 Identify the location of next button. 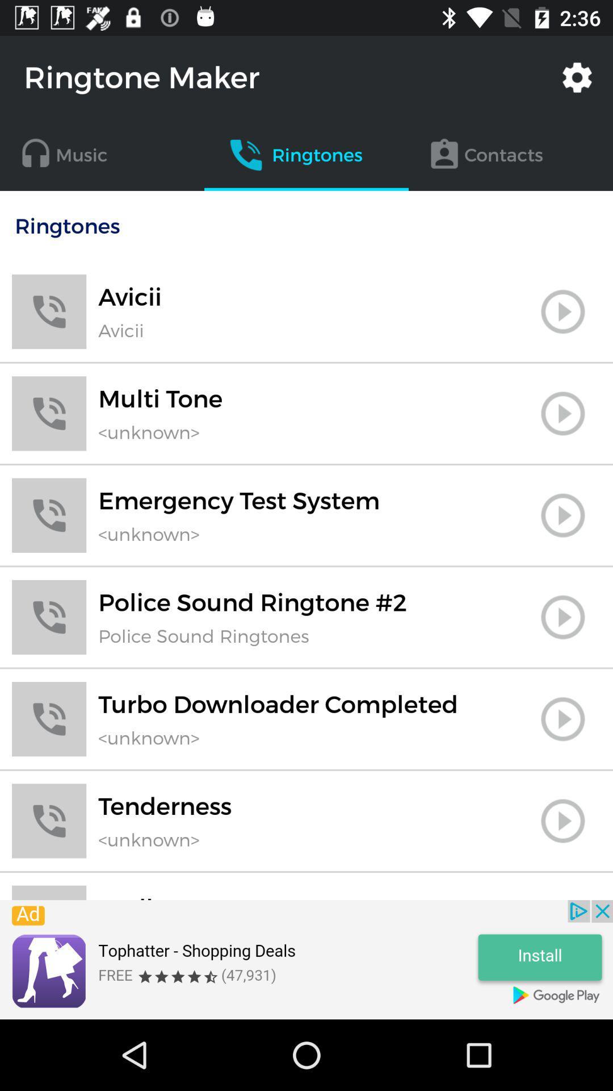
(562, 617).